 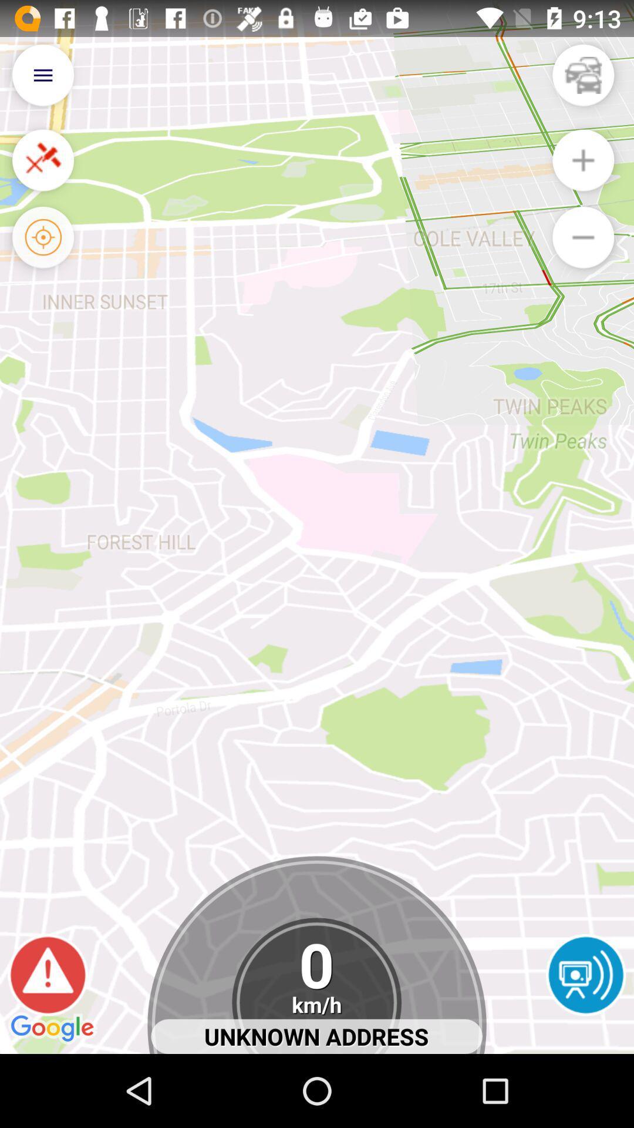 What do you see at coordinates (42, 253) in the screenshot?
I see `the location_crosshair icon` at bounding box center [42, 253].